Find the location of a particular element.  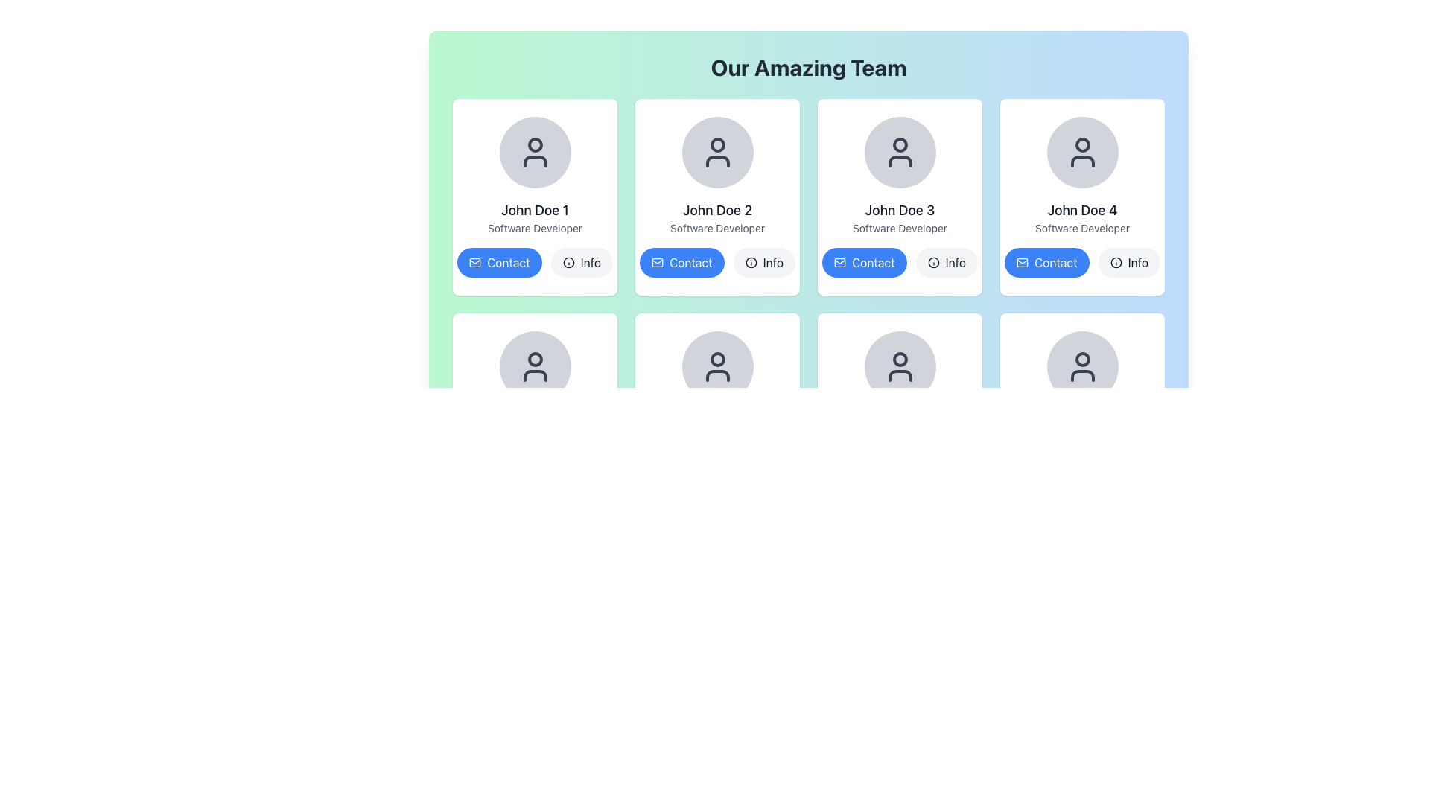

the leftmost circle element of the SVG graphic located near the bottom-right of the 'Info' button under 'John Doe 2' is located at coordinates (751, 262).